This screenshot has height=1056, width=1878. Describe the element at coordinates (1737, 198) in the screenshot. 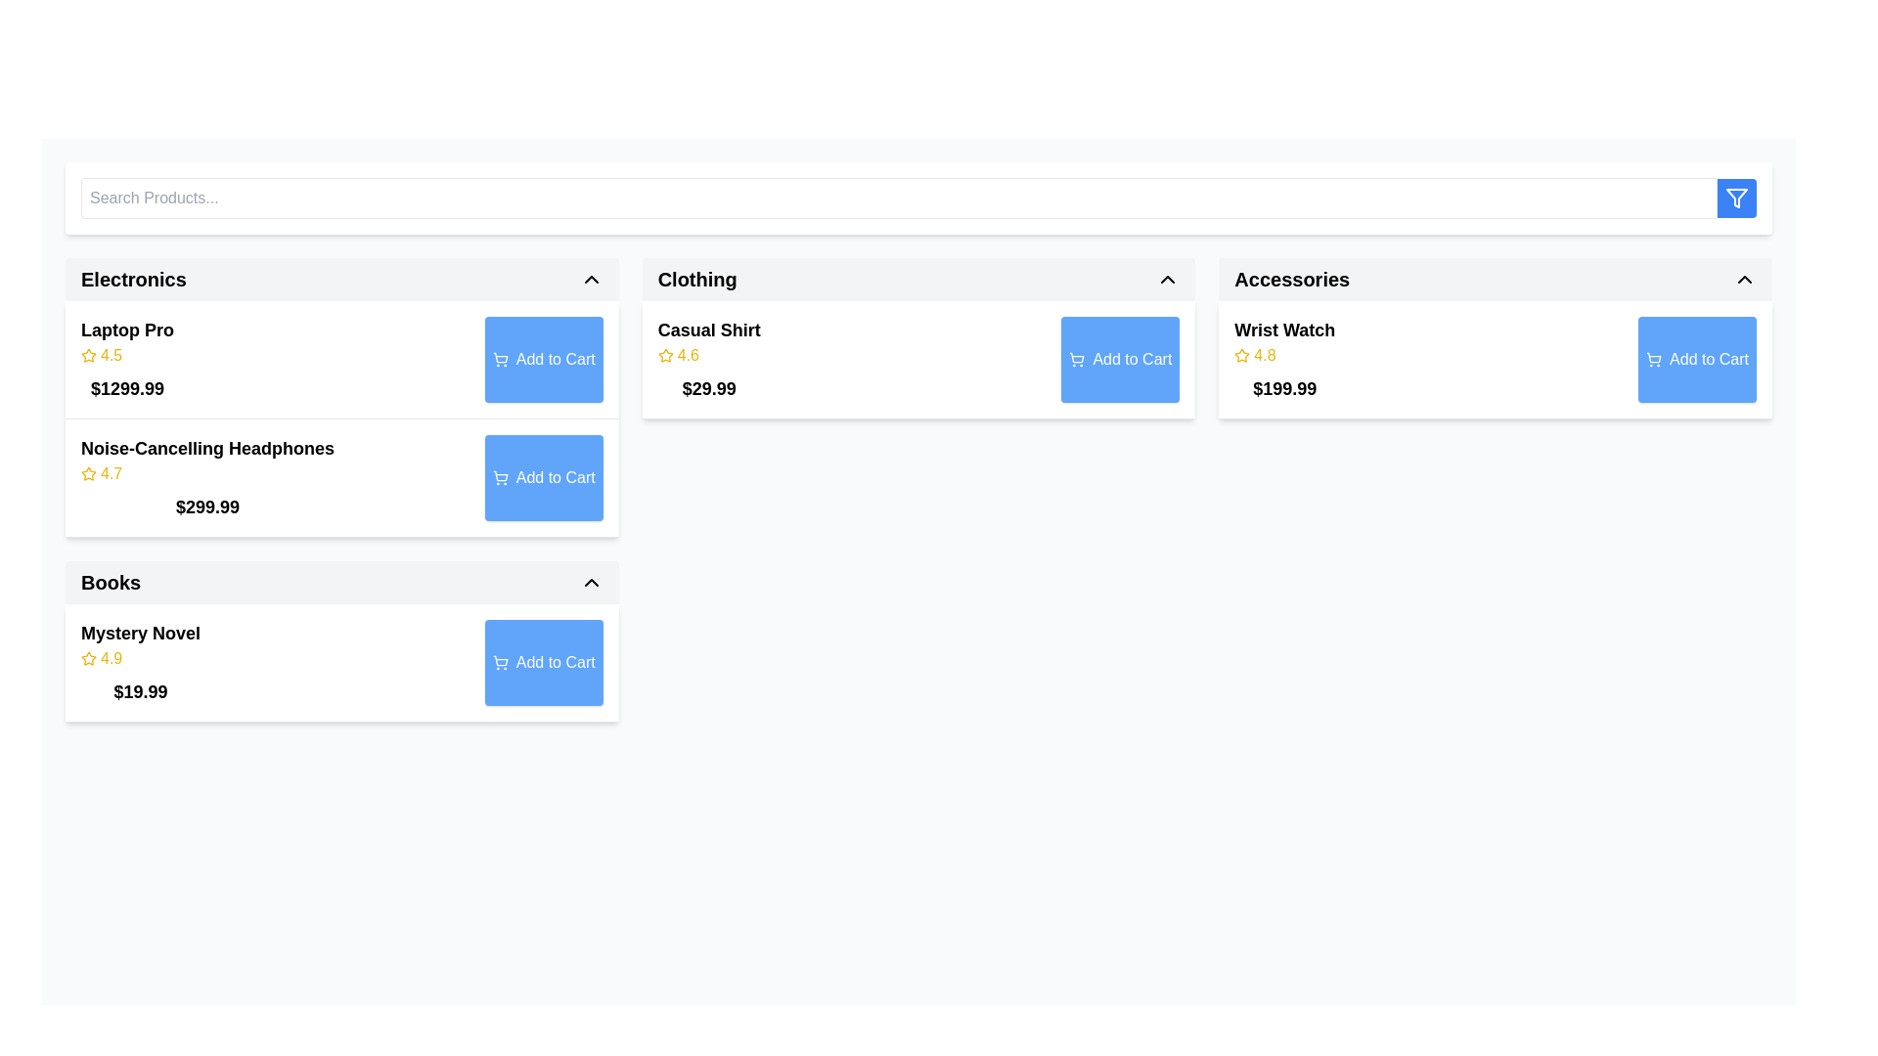

I see `the vibrant blue filter button with rounded right corners, located at the far right of the horizontal search bar` at that location.